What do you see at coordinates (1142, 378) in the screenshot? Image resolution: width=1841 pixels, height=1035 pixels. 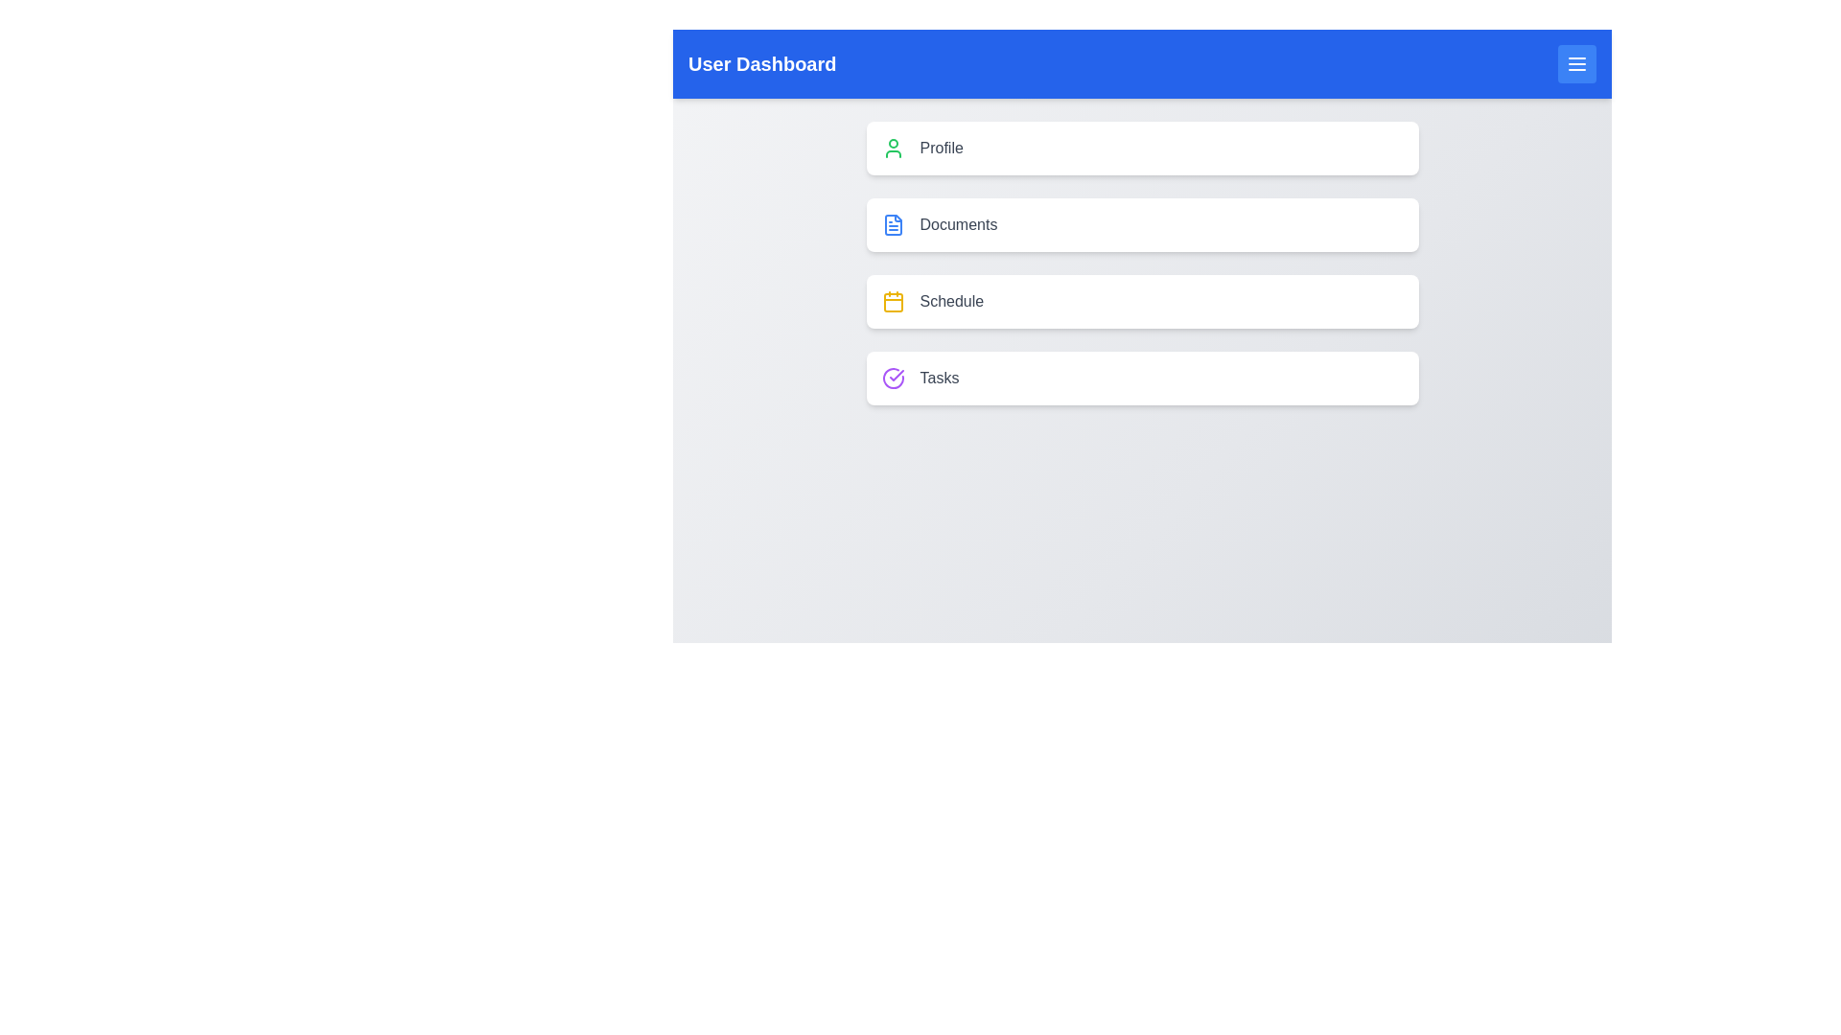 I see `the menu item Tasks` at bounding box center [1142, 378].